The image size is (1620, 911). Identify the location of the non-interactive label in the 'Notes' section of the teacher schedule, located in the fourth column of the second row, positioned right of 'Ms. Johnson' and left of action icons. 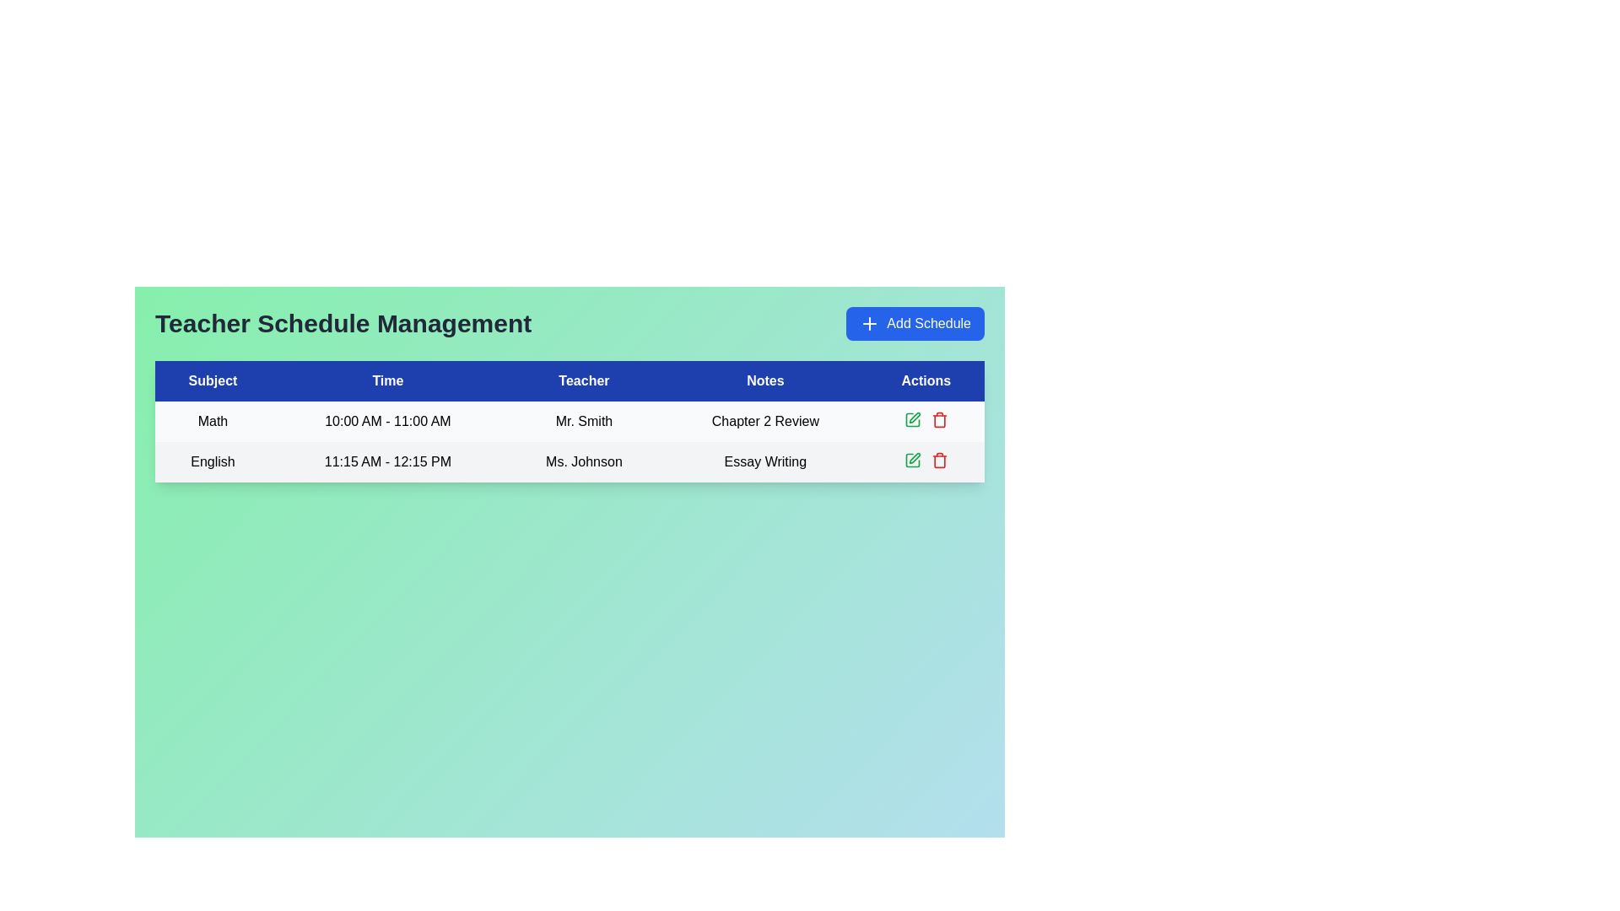
(764, 461).